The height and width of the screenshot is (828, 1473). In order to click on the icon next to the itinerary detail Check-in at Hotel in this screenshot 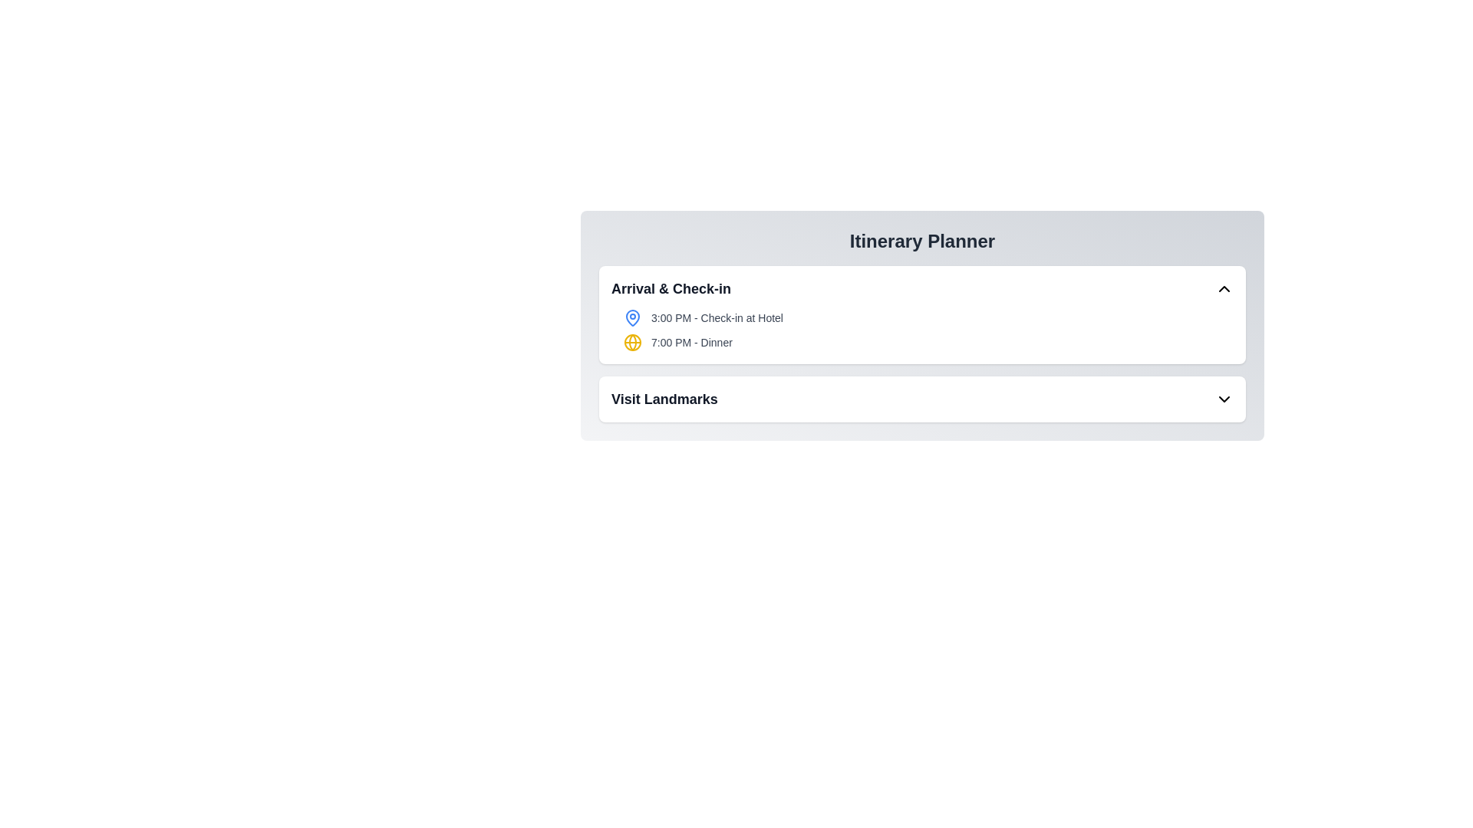, I will do `click(633, 317)`.